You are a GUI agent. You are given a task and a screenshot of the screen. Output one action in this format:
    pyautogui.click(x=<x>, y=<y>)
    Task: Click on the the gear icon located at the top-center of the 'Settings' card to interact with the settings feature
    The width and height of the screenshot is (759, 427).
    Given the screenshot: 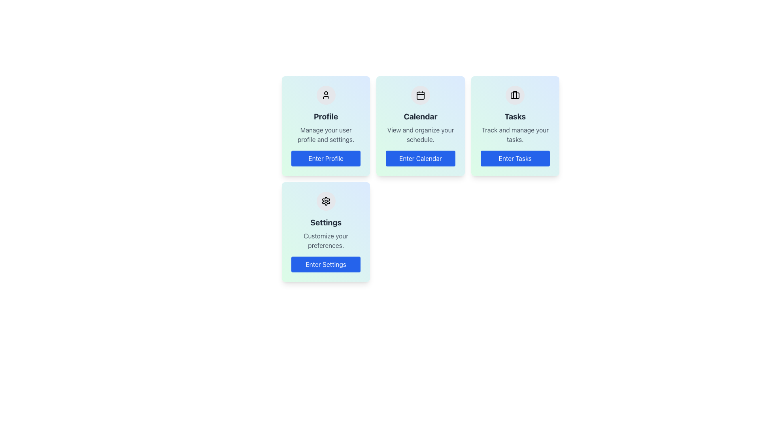 What is the action you would take?
    pyautogui.click(x=326, y=201)
    